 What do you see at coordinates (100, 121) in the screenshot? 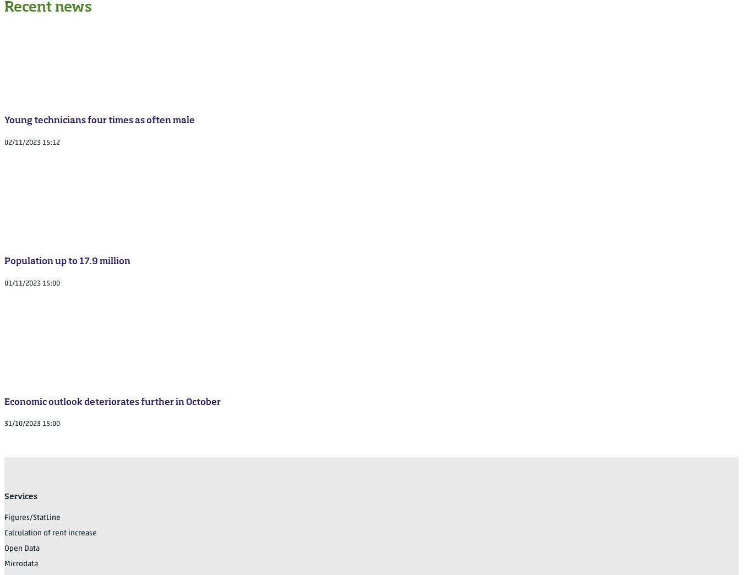
I see `'Young technicians four times as often male'` at bounding box center [100, 121].